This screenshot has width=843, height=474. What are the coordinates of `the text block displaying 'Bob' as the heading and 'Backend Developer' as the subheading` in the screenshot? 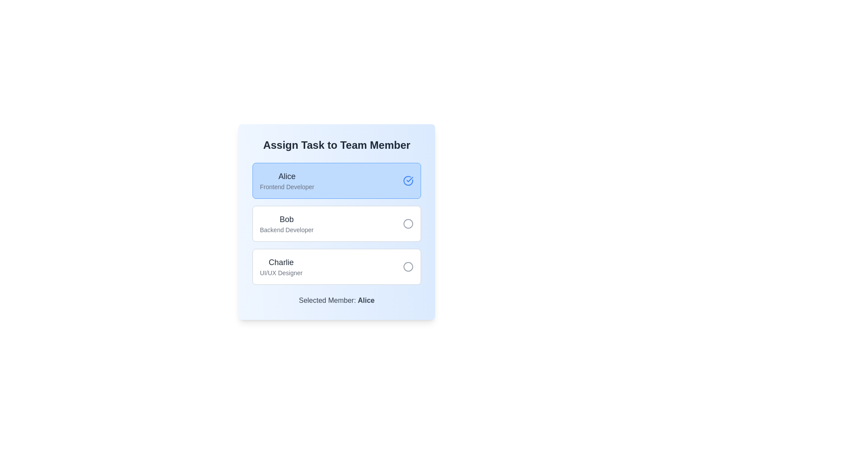 It's located at (287, 223).